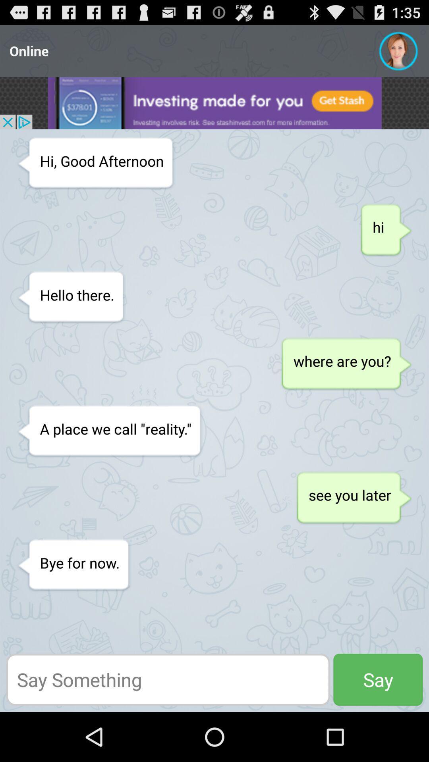 This screenshot has width=429, height=762. Describe the element at coordinates (168, 679) in the screenshot. I see `ask the command` at that location.